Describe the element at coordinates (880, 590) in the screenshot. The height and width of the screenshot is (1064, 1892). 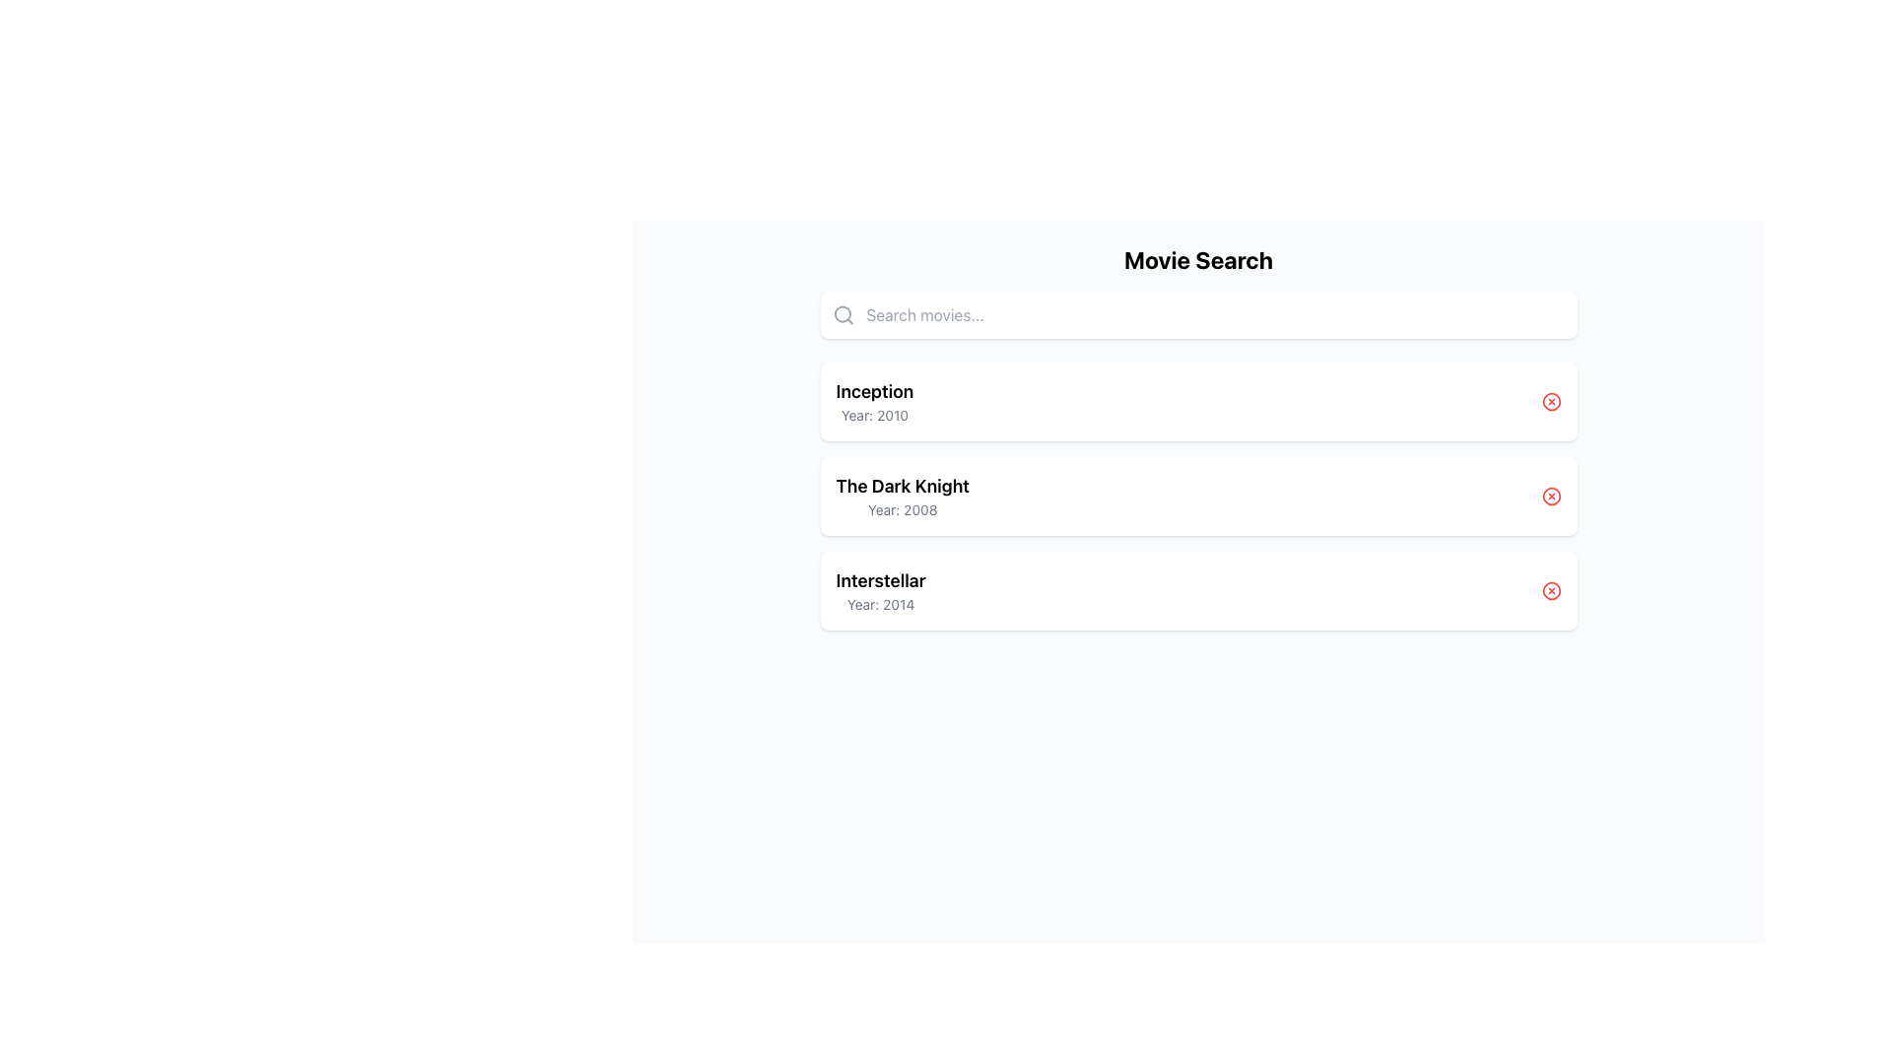
I see `text displayed in the title 'Interstellar' and subtitle 'Year: 2014' located in the top-left region of the third card in the movie entries list` at that location.